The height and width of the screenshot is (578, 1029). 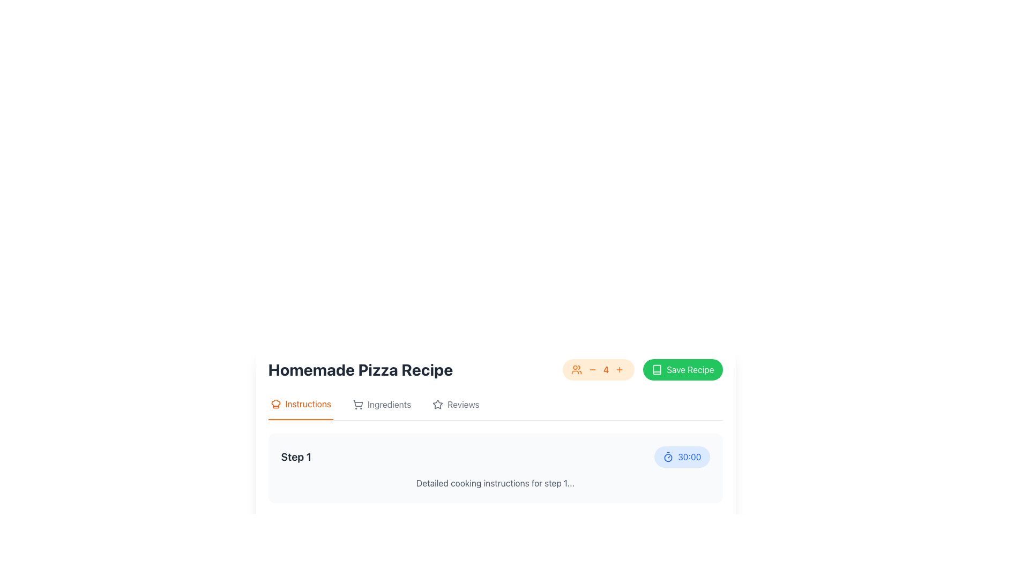 I want to click on the save button located on the right side of the header section next to the servings adjustment component, which allows users to save the recipe for later reference, so click(x=643, y=369).